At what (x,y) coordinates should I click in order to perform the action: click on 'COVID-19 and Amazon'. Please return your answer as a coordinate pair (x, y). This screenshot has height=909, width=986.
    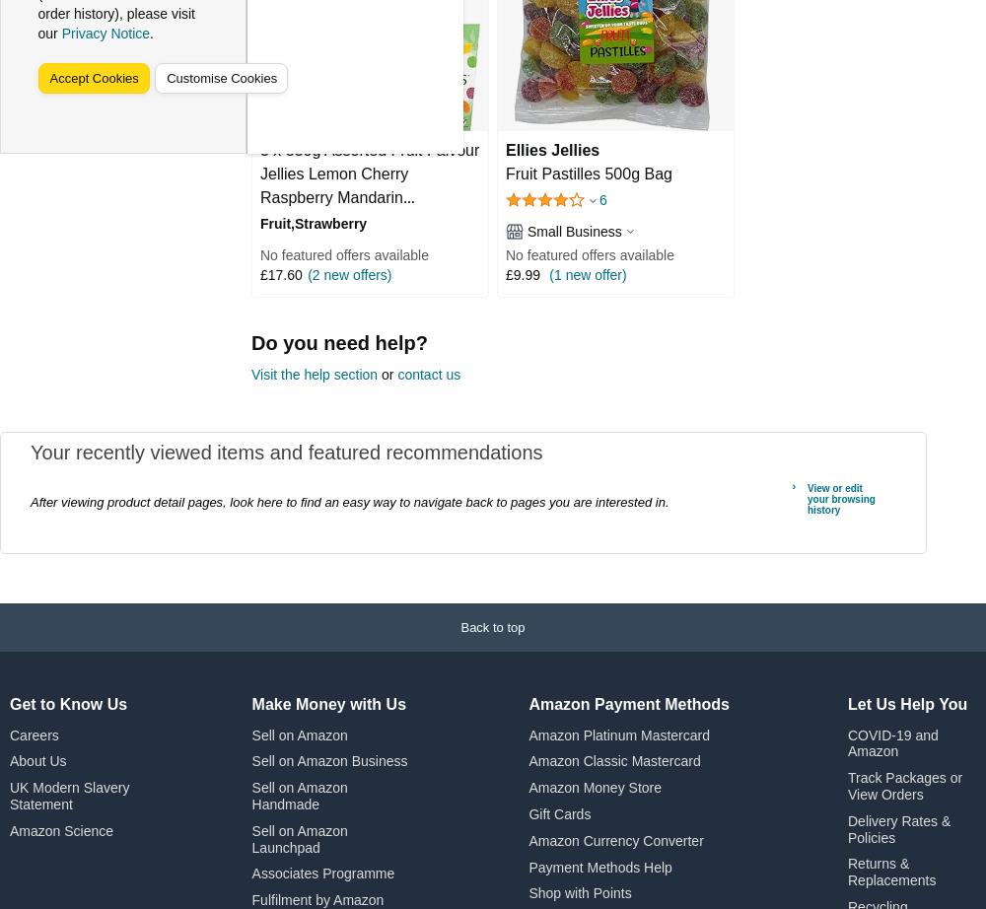
    Looking at the image, I should click on (892, 741).